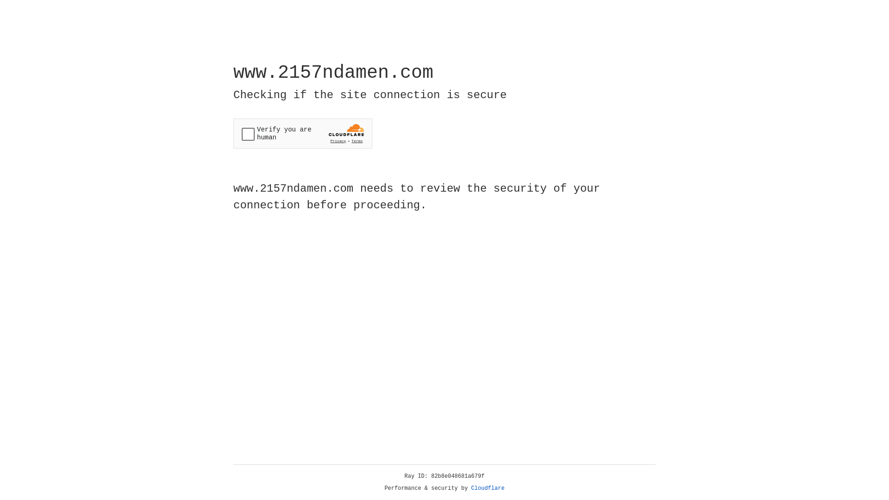  Describe the element at coordinates (488, 488) in the screenshot. I see `'Cloudflare'` at that location.